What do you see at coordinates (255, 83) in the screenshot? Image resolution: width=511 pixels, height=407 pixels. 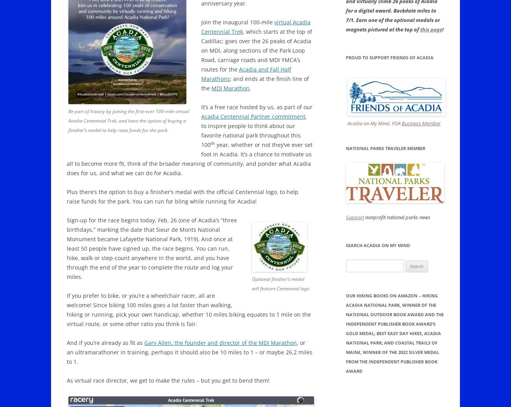 I see `'; and ends at the finish line of the'` at bounding box center [255, 83].